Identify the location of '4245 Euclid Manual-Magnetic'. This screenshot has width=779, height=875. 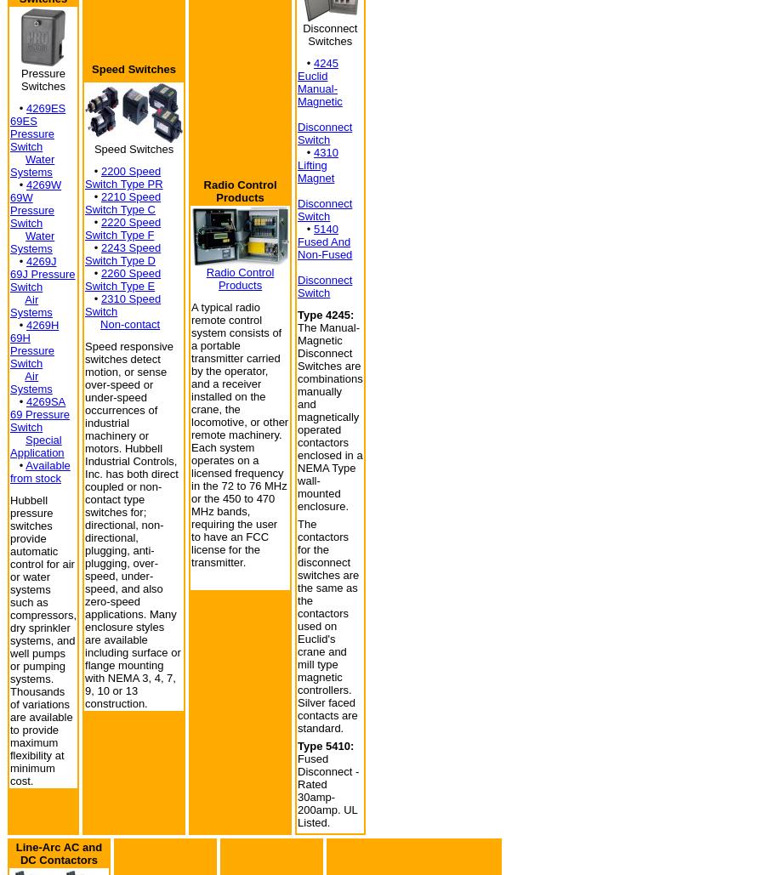
(320, 82).